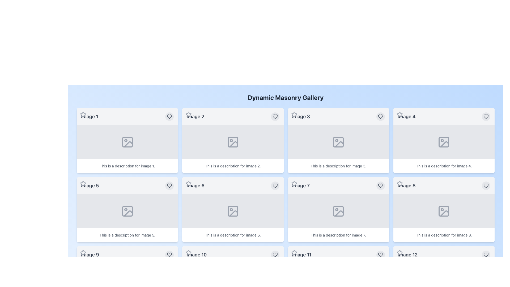 The width and height of the screenshot is (510, 287). I want to click on the card located in the second row and the first column of the gallery grid, so click(127, 209).